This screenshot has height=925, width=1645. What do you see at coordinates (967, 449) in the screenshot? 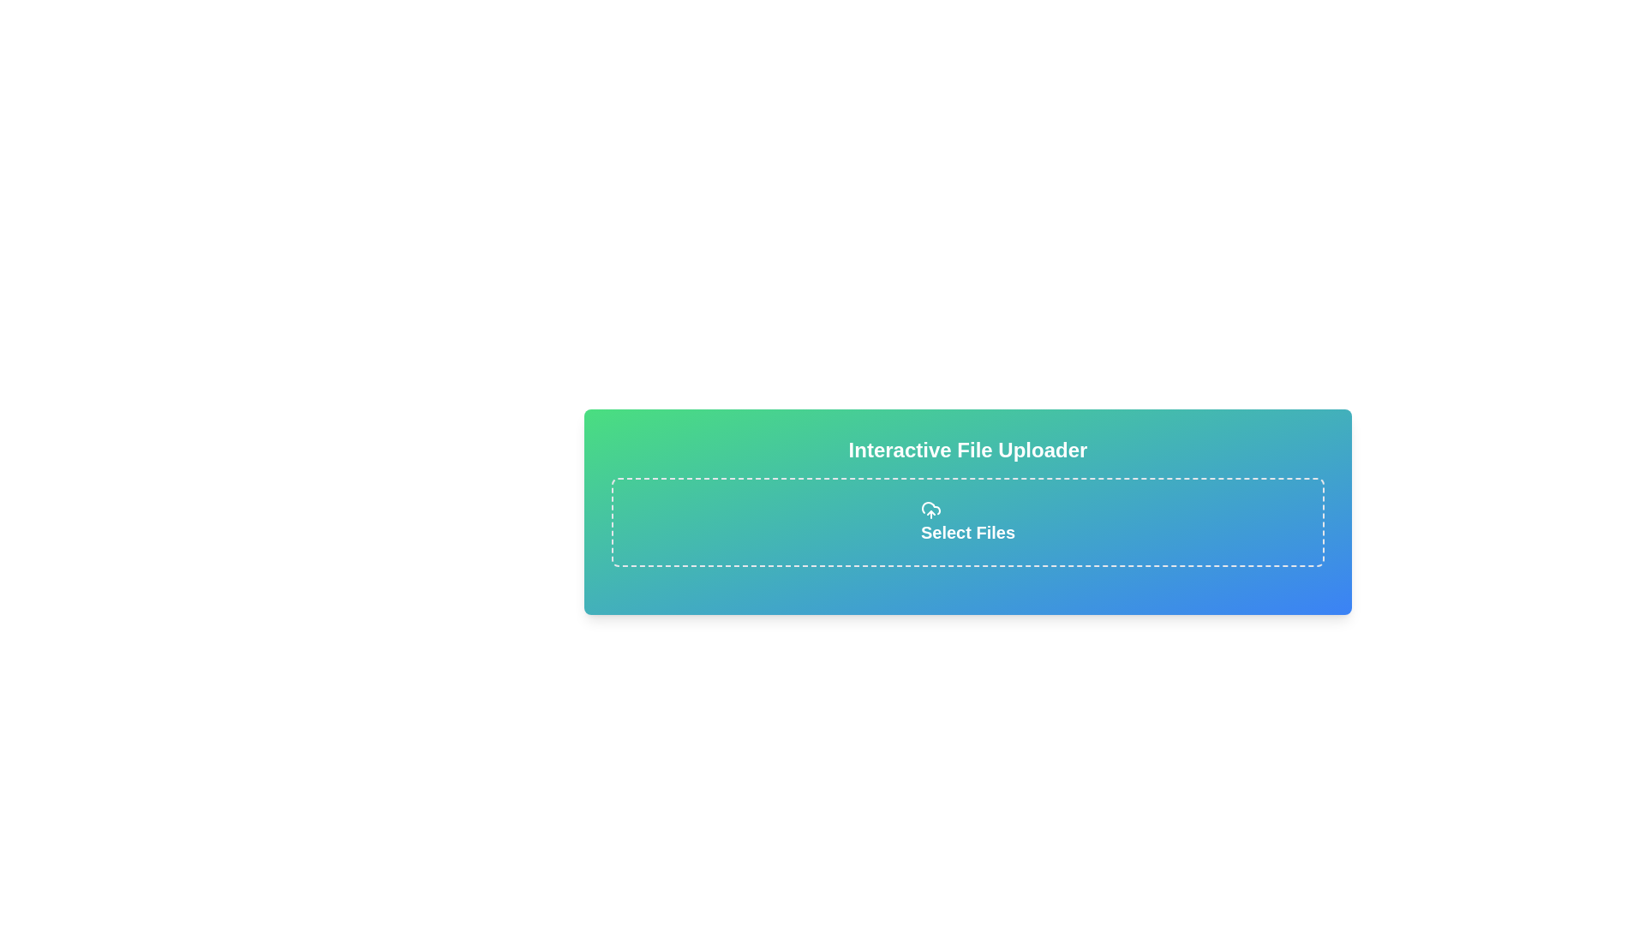
I see `the prominently displayed text label 'Interactive File Uploader' which is the header of the file uploader section, located at the top of the interface with a green and blue gradient background` at bounding box center [967, 449].